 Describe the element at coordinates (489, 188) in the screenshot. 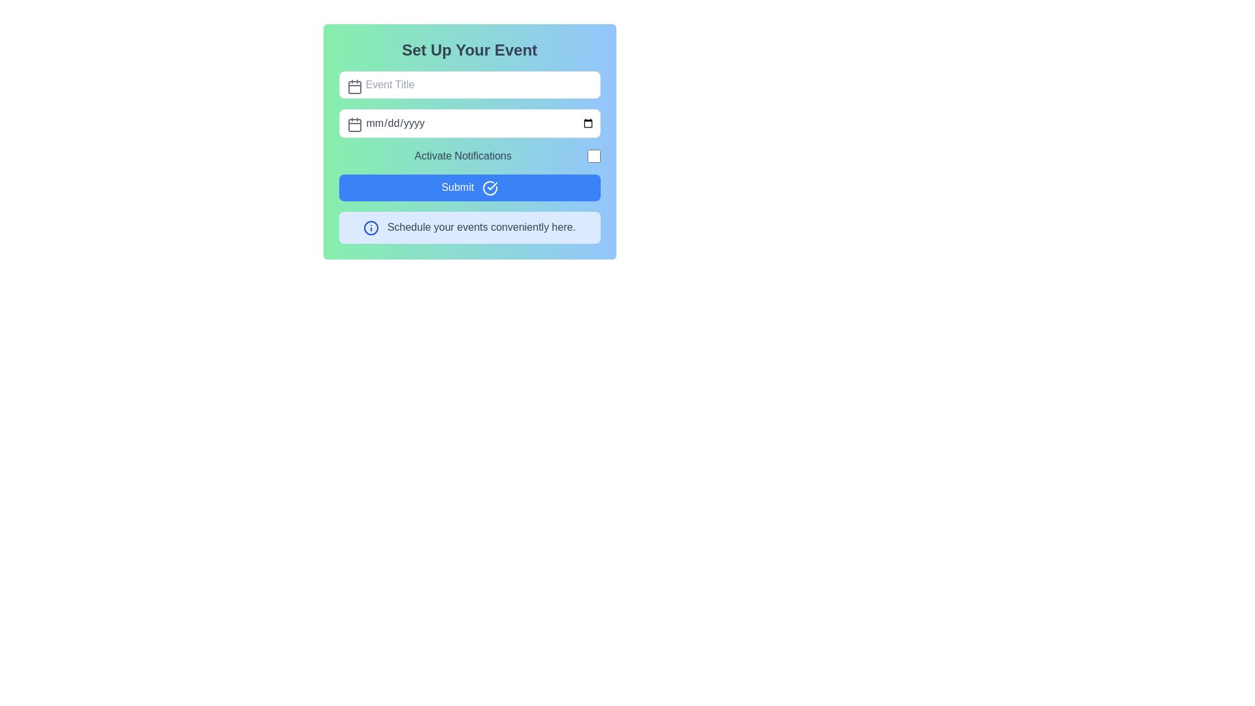

I see `the decorative status indicator icon located to the immediate right side of the 'Submit' button in the form interface` at that location.